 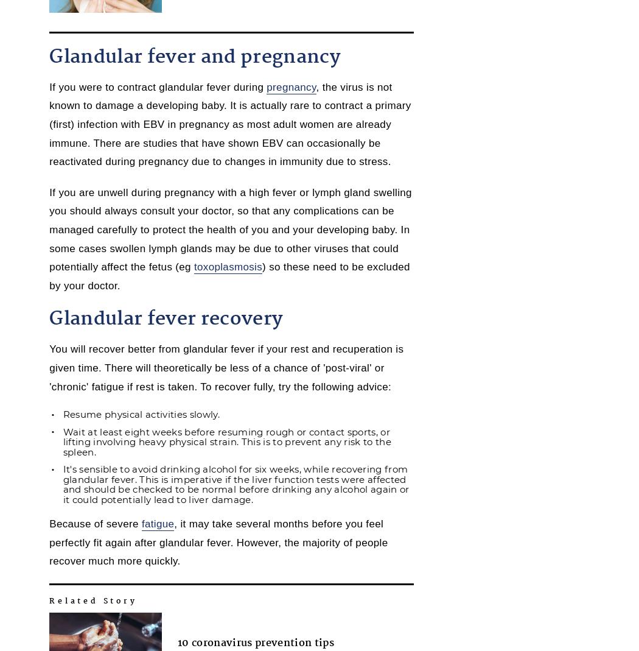 What do you see at coordinates (229, 275) in the screenshot?
I see `') so these need to be excluded by your doctor.'` at bounding box center [229, 275].